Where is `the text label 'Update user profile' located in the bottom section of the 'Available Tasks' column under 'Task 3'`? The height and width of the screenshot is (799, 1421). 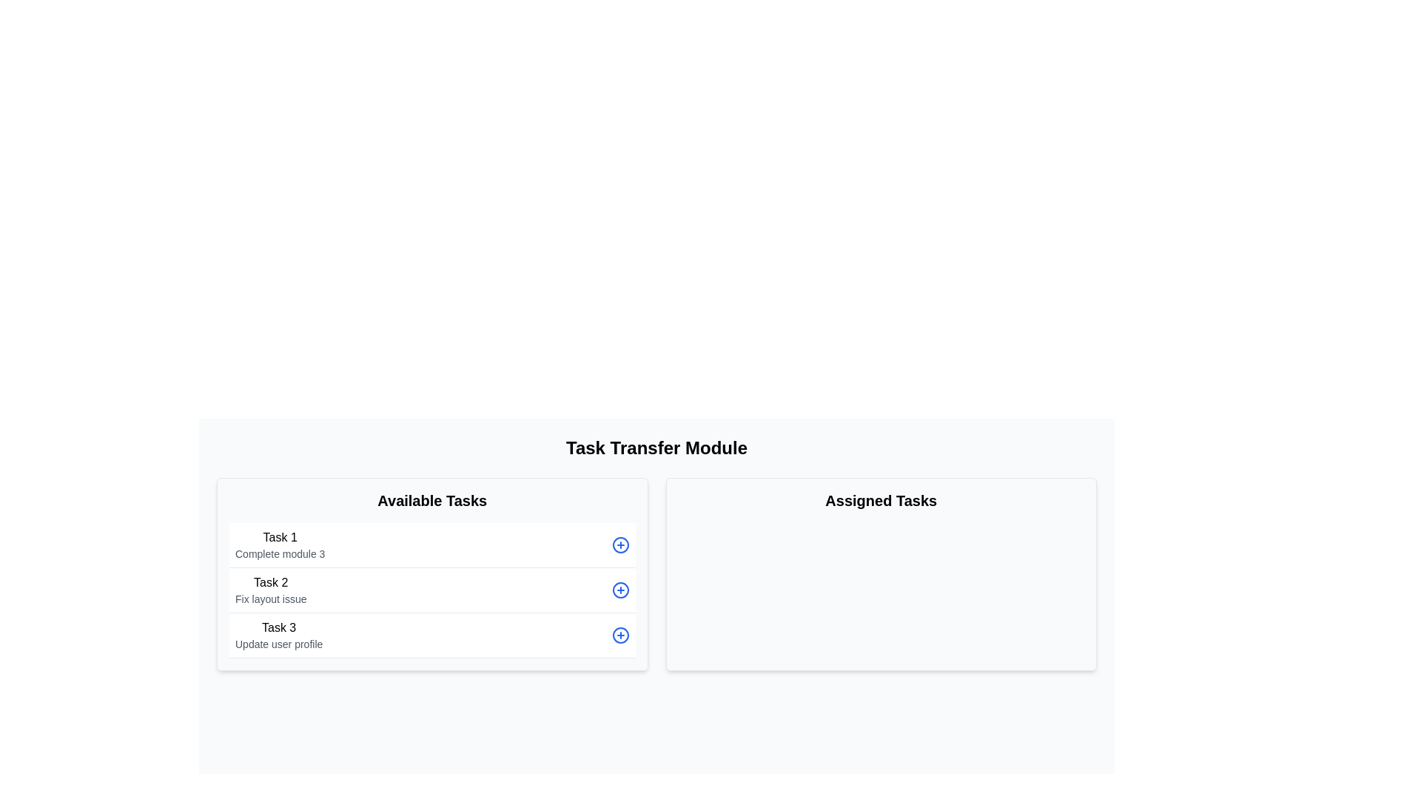
the text label 'Update user profile' located in the bottom section of the 'Available Tasks' column under 'Task 3' is located at coordinates (279, 644).